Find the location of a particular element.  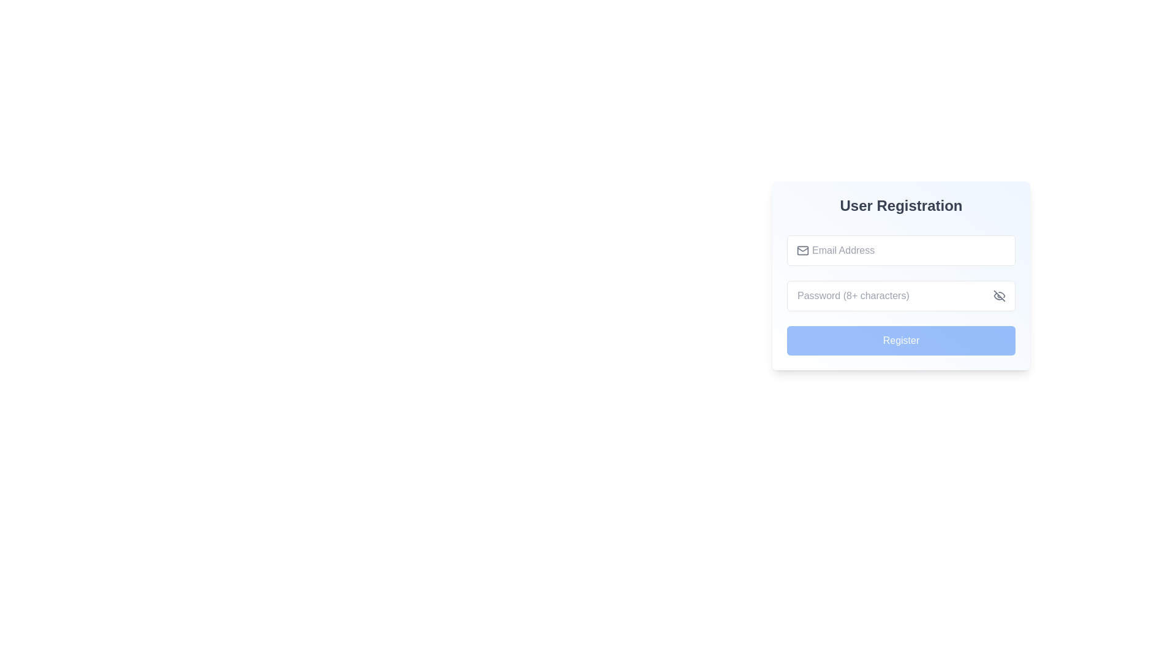

the visibility toggle element, which is a thin diagonal line styled as a strikethrough, located over the password input field in the User Registration form is located at coordinates (1000, 295).